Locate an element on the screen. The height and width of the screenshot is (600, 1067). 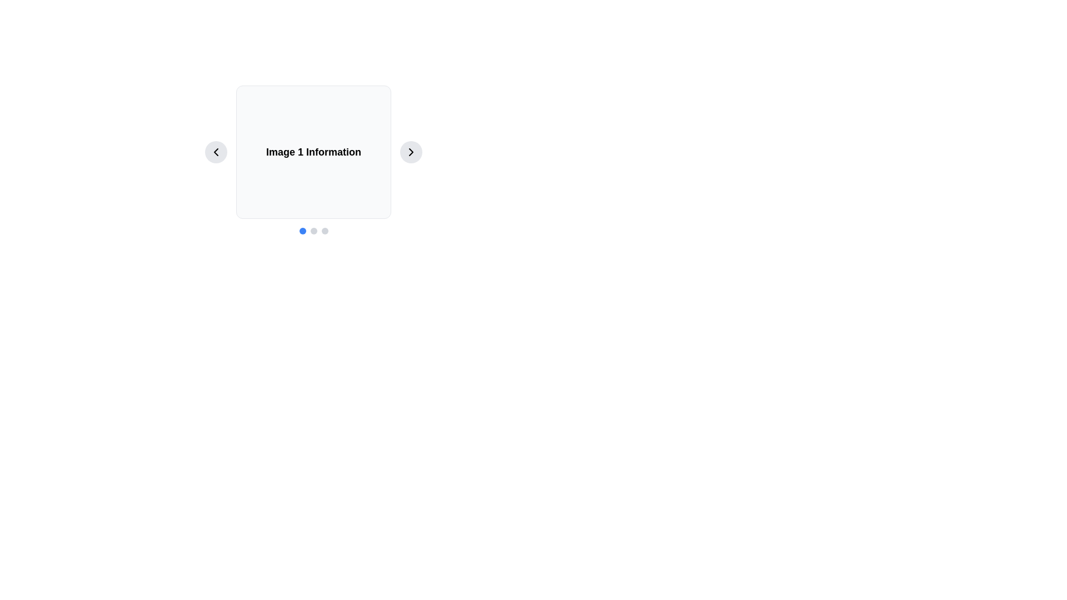
the right navigation icon of the carousel, which symbolizes the action of navigating to the next item in the slideshow is located at coordinates (410, 152).